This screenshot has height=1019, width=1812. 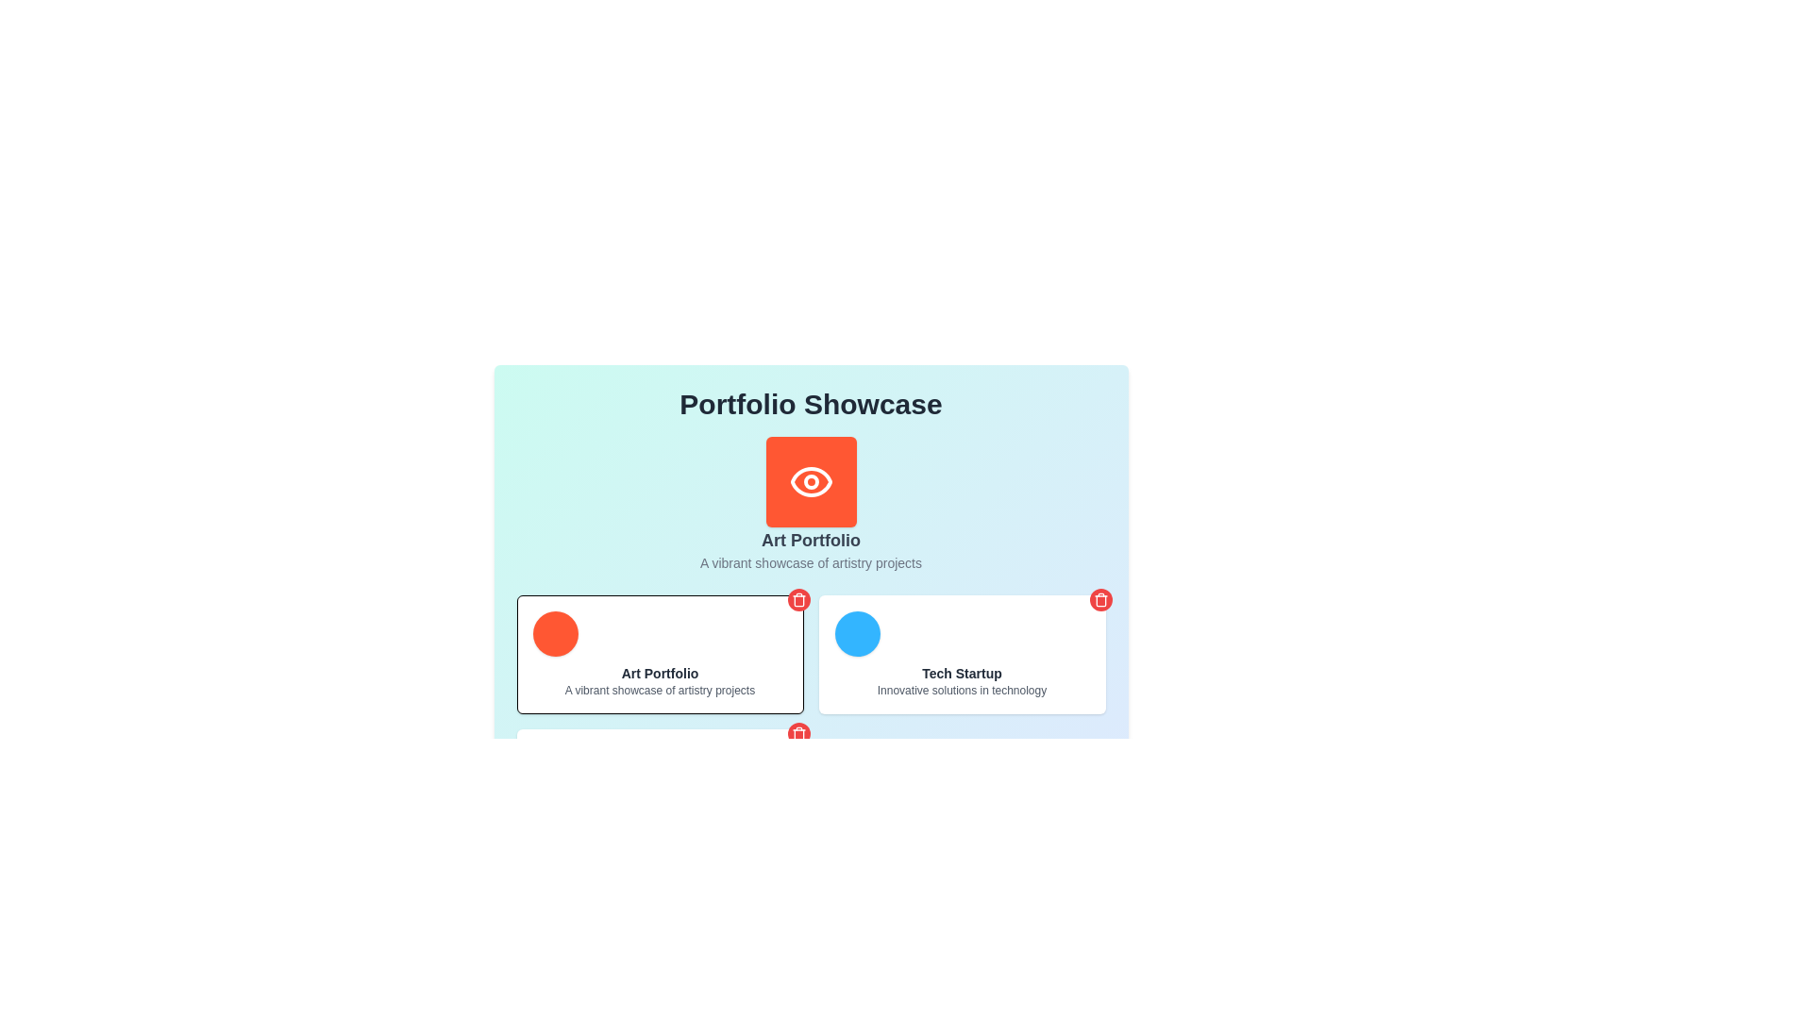 I want to click on text label located at the top-center of the interface, which serves as a title for the art portfolio section, positioned below an orange icon featuring a stylized eye, so click(x=811, y=541).